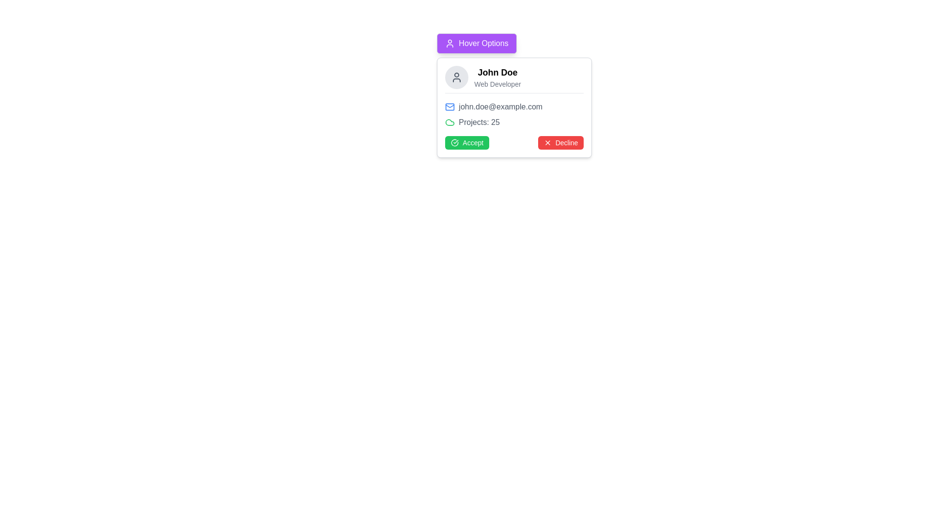 This screenshot has height=523, width=930. What do you see at coordinates (477, 43) in the screenshot?
I see `the 'Hover Options' button with a purple background and user icon` at bounding box center [477, 43].